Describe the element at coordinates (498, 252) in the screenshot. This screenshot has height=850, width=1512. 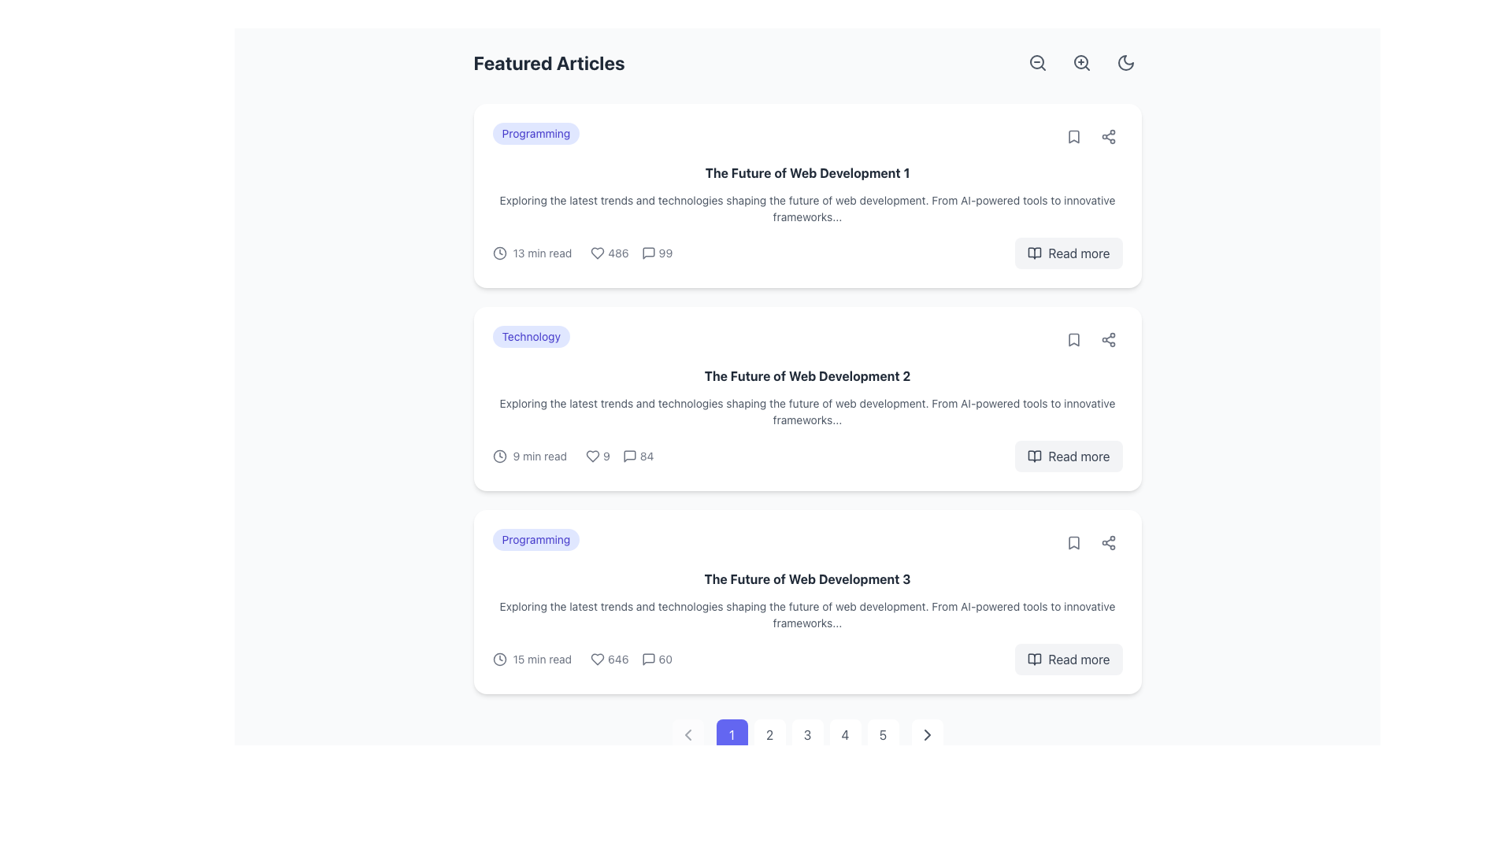
I see `the time-related icon located to the left of the '13 min read' text in the top article card` at that location.